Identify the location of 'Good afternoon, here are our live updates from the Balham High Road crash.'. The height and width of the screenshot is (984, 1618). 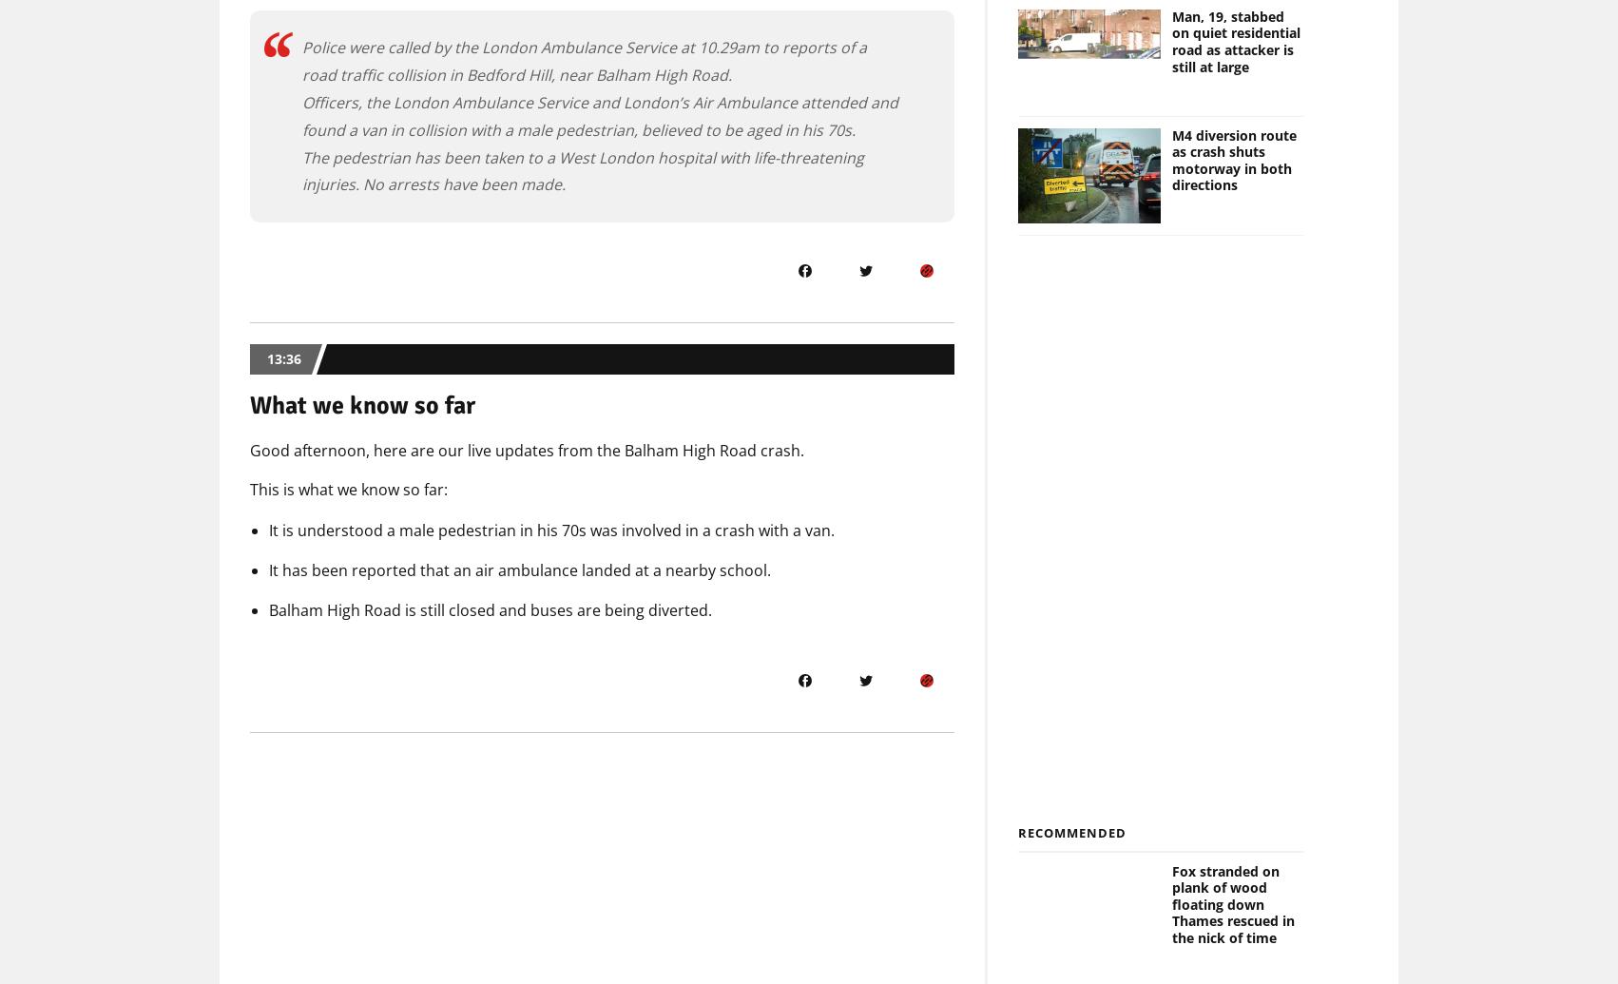
(526, 451).